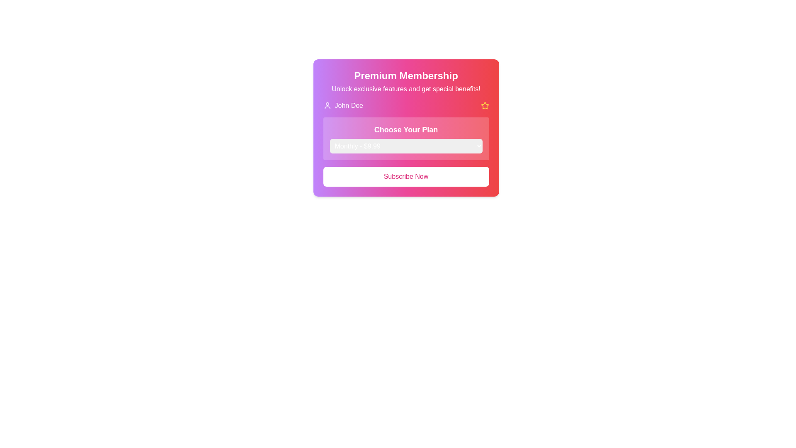 This screenshot has height=448, width=796. I want to click on the 'Subscribe Now' button, which is a rectangular button with rounded corners featuring a white background and bold pink text, located at the base of the 'Premium Membership' card, so click(406, 176).